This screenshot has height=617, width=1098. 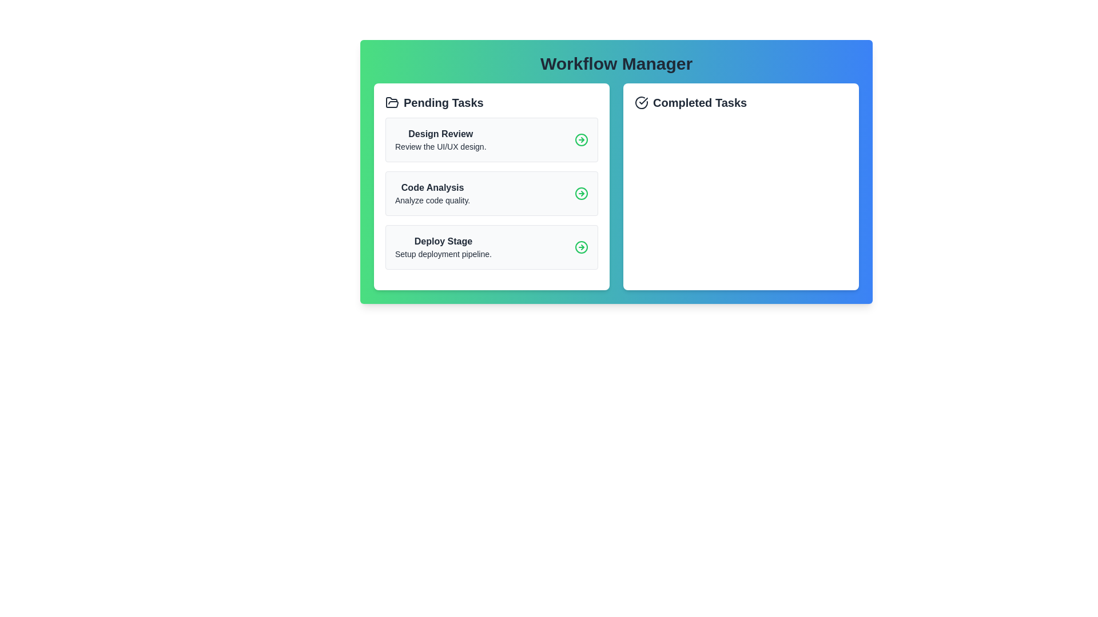 What do you see at coordinates (440, 134) in the screenshot?
I see `the 'Design Review' text label that is styled in bold font and positioned in the 'Pending Tasks' section, located above the description 'Review the UI/UX design.'` at bounding box center [440, 134].